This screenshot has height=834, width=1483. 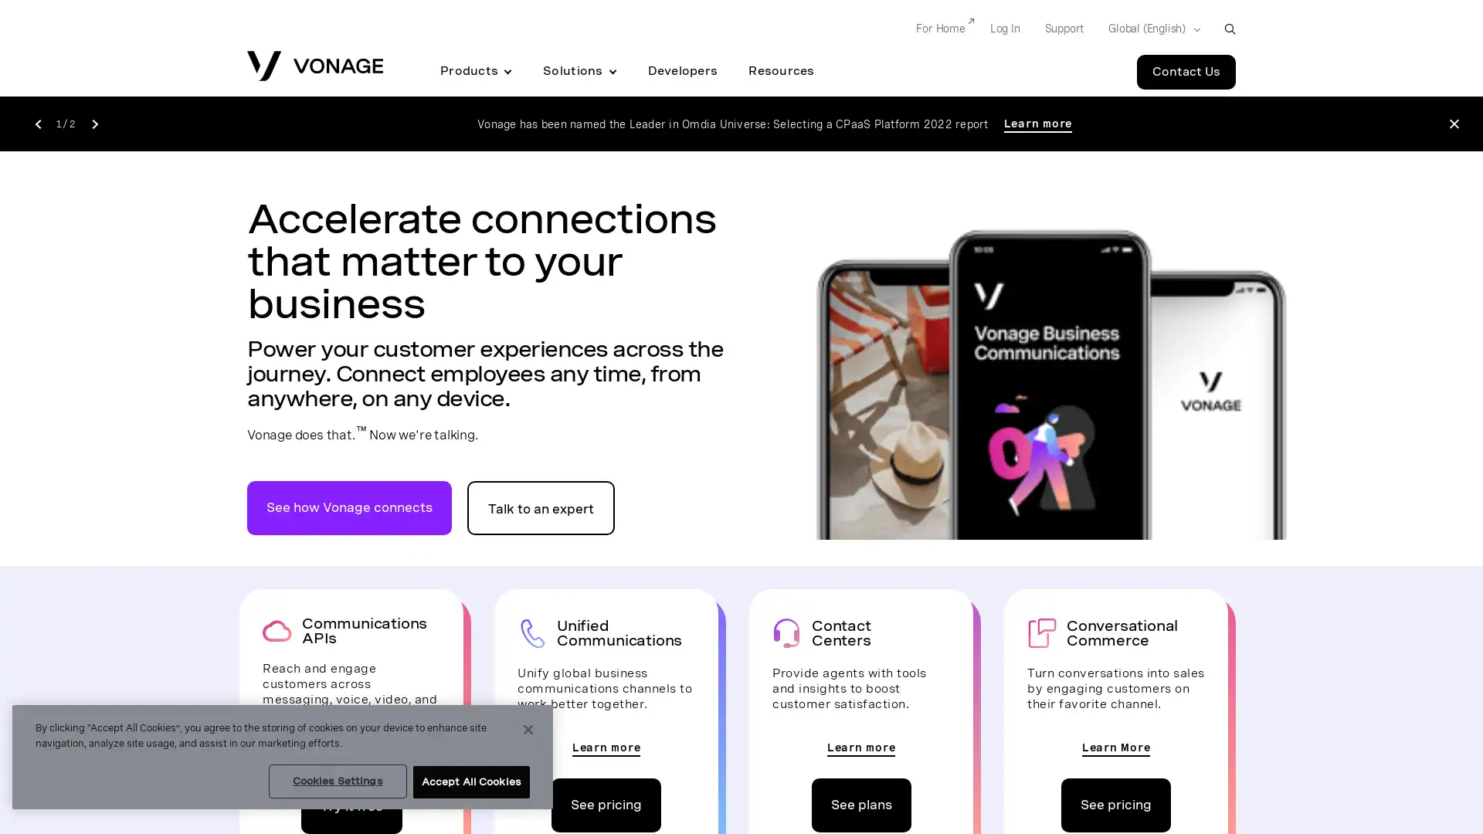 What do you see at coordinates (37, 122) in the screenshot?
I see `Go to the previous announcement` at bounding box center [37, 122].